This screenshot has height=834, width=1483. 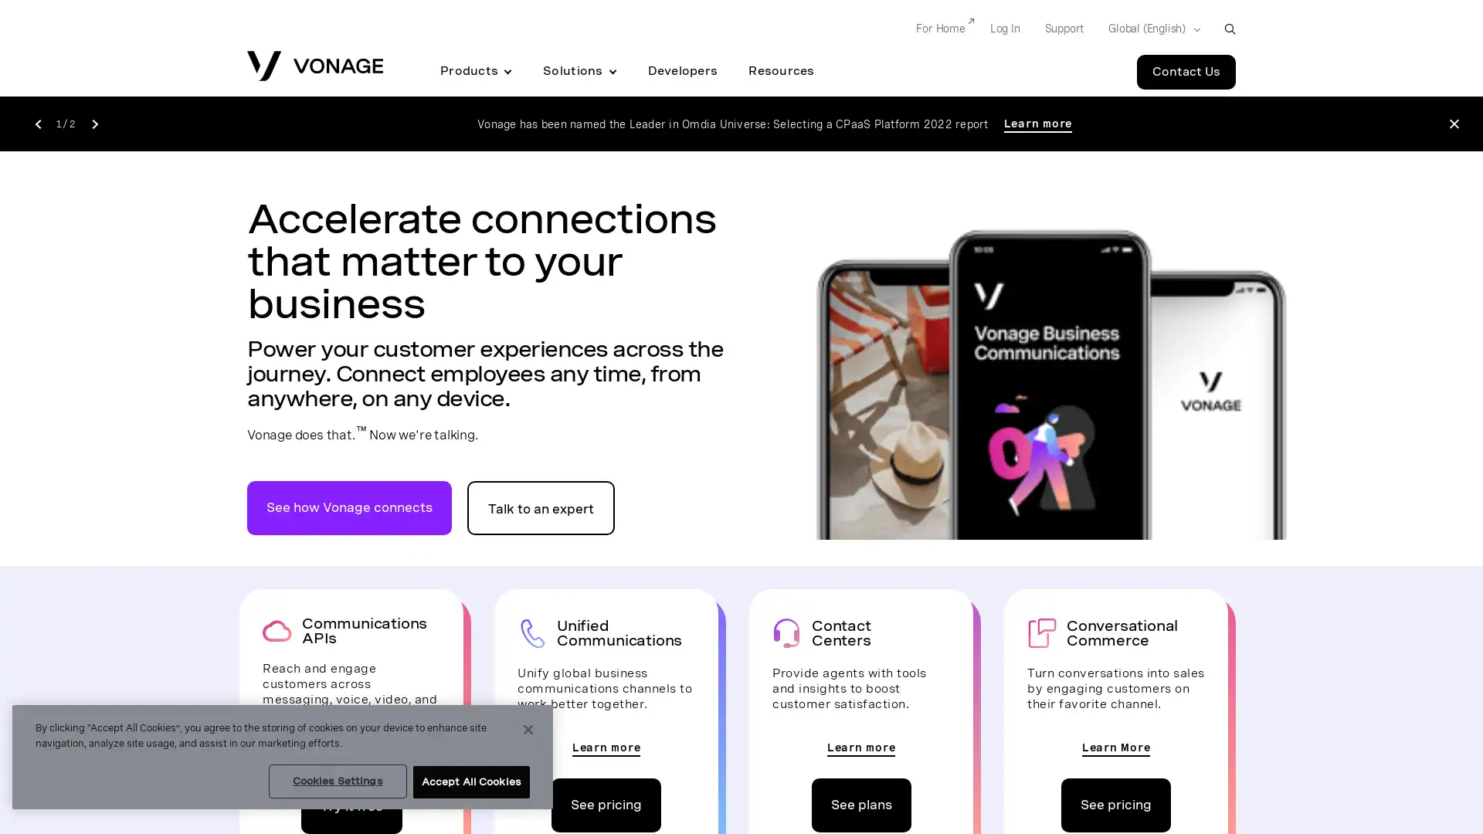 What do you see at coordinates (37, 122) in the screenshot?
I see `Go to the previous announcement` at bounding box center [37, 122].